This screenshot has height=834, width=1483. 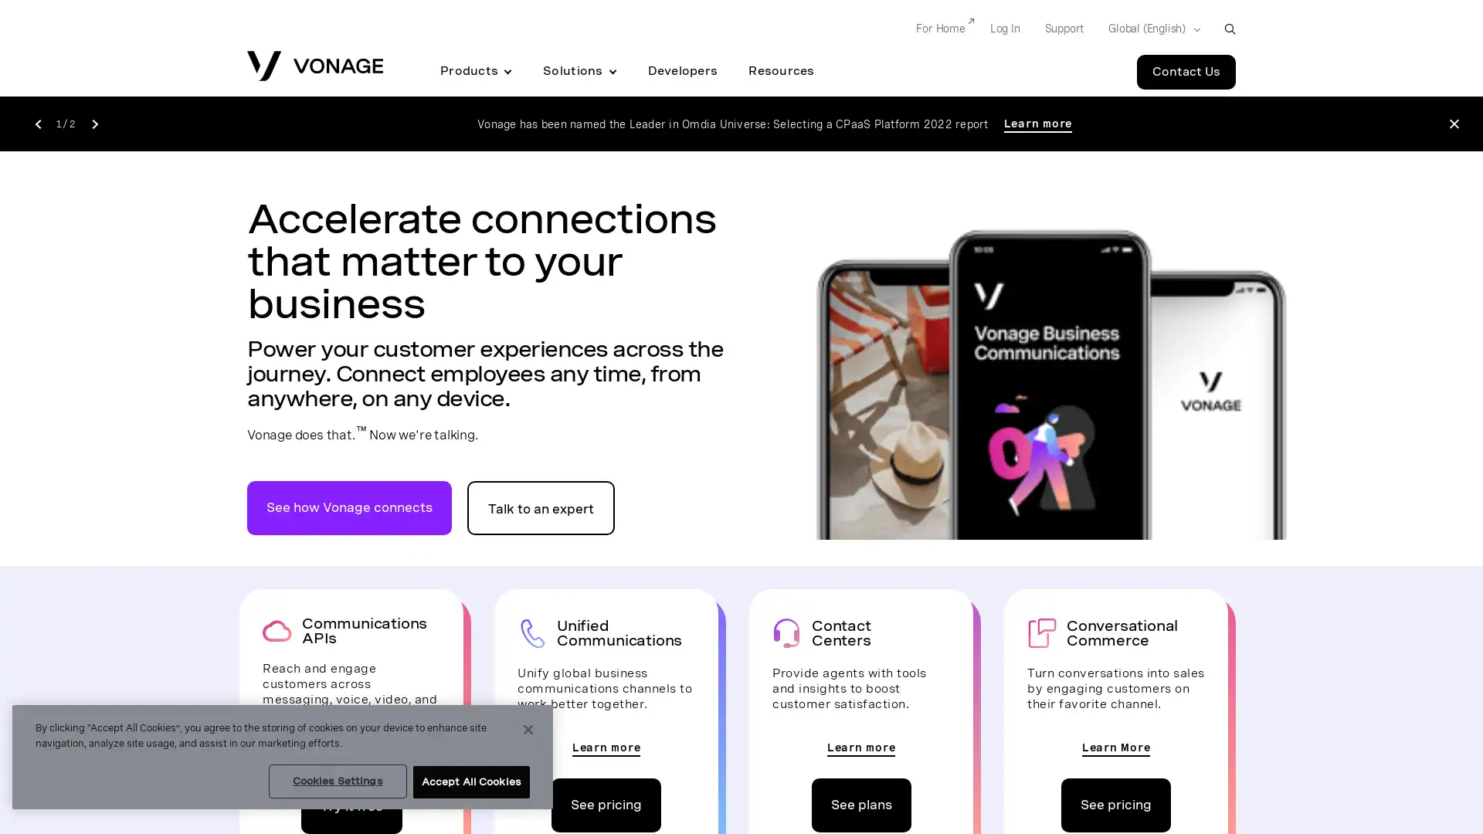 What do you see at coordinates (37, 122) in the screenshot?
I see `Go to the previous announcement` at bounding box center [37, 122].